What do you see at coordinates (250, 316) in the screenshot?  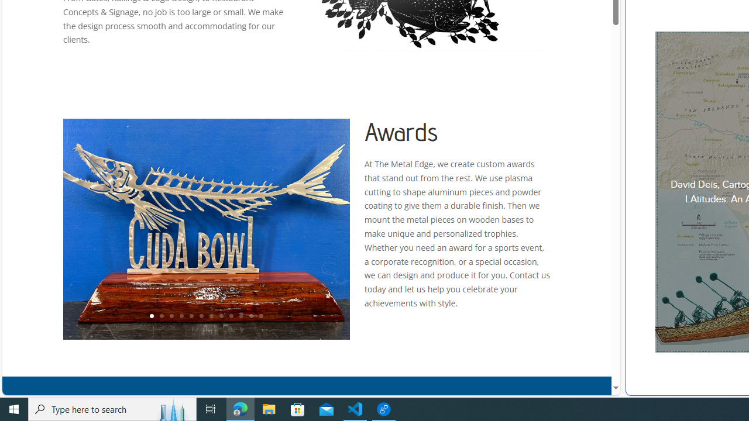 I see `'11'` at bounding box center [250, 316].